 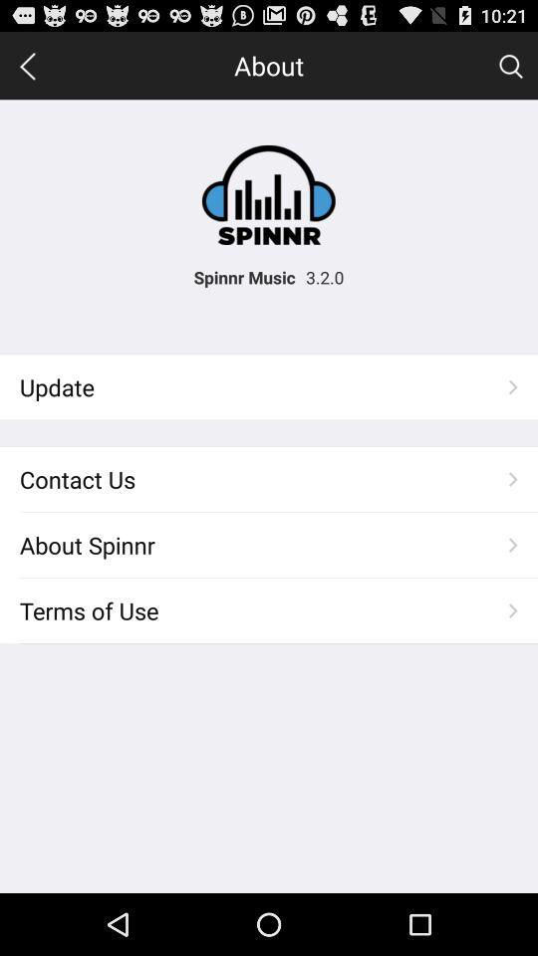 What do you see at coordinates (510, 65) in the screenshot?
I see `the search icon at the top right of the web page` at bounding box center [510, 65].